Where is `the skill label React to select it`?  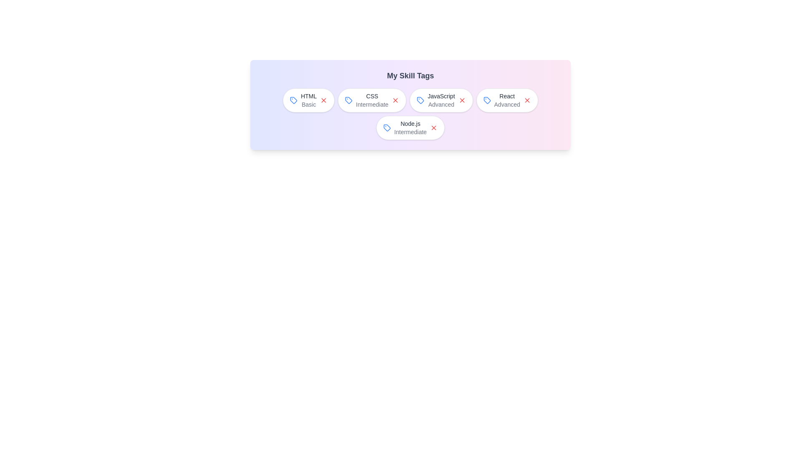 the skill label React to select it is located at coordinates (506, 100).